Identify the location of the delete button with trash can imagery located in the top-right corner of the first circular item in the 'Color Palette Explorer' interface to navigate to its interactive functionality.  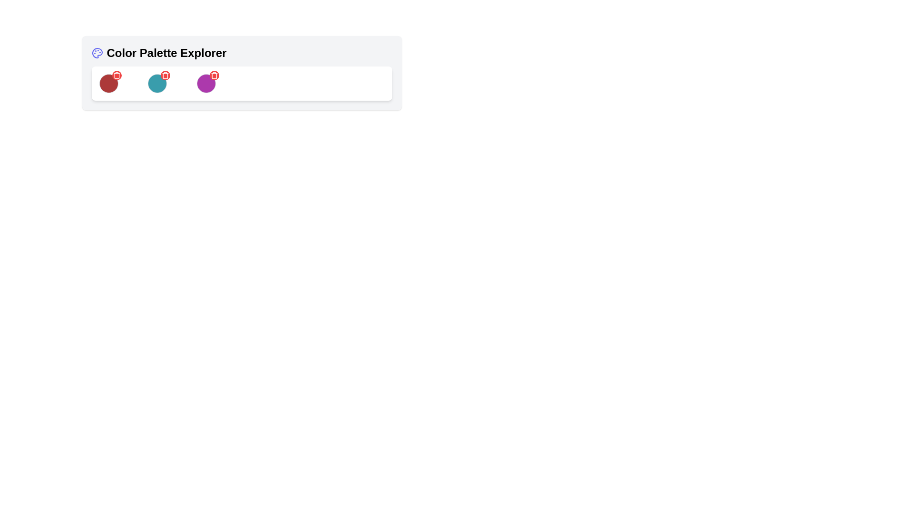
(116, 75).